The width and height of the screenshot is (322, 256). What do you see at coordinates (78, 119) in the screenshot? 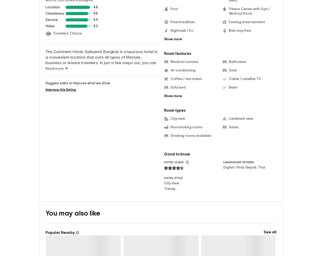
I see `'Suggest edits to improve what we show.'` at bounding box center [78, 119].